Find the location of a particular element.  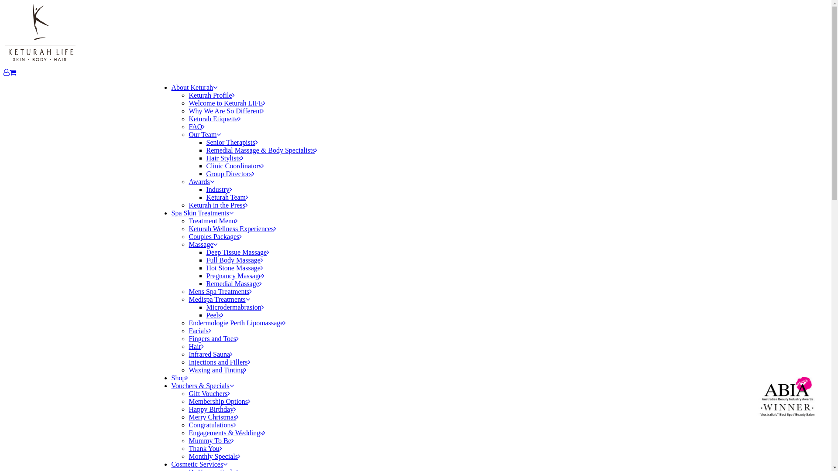

'Shop' is located at coordinates (179, 377).